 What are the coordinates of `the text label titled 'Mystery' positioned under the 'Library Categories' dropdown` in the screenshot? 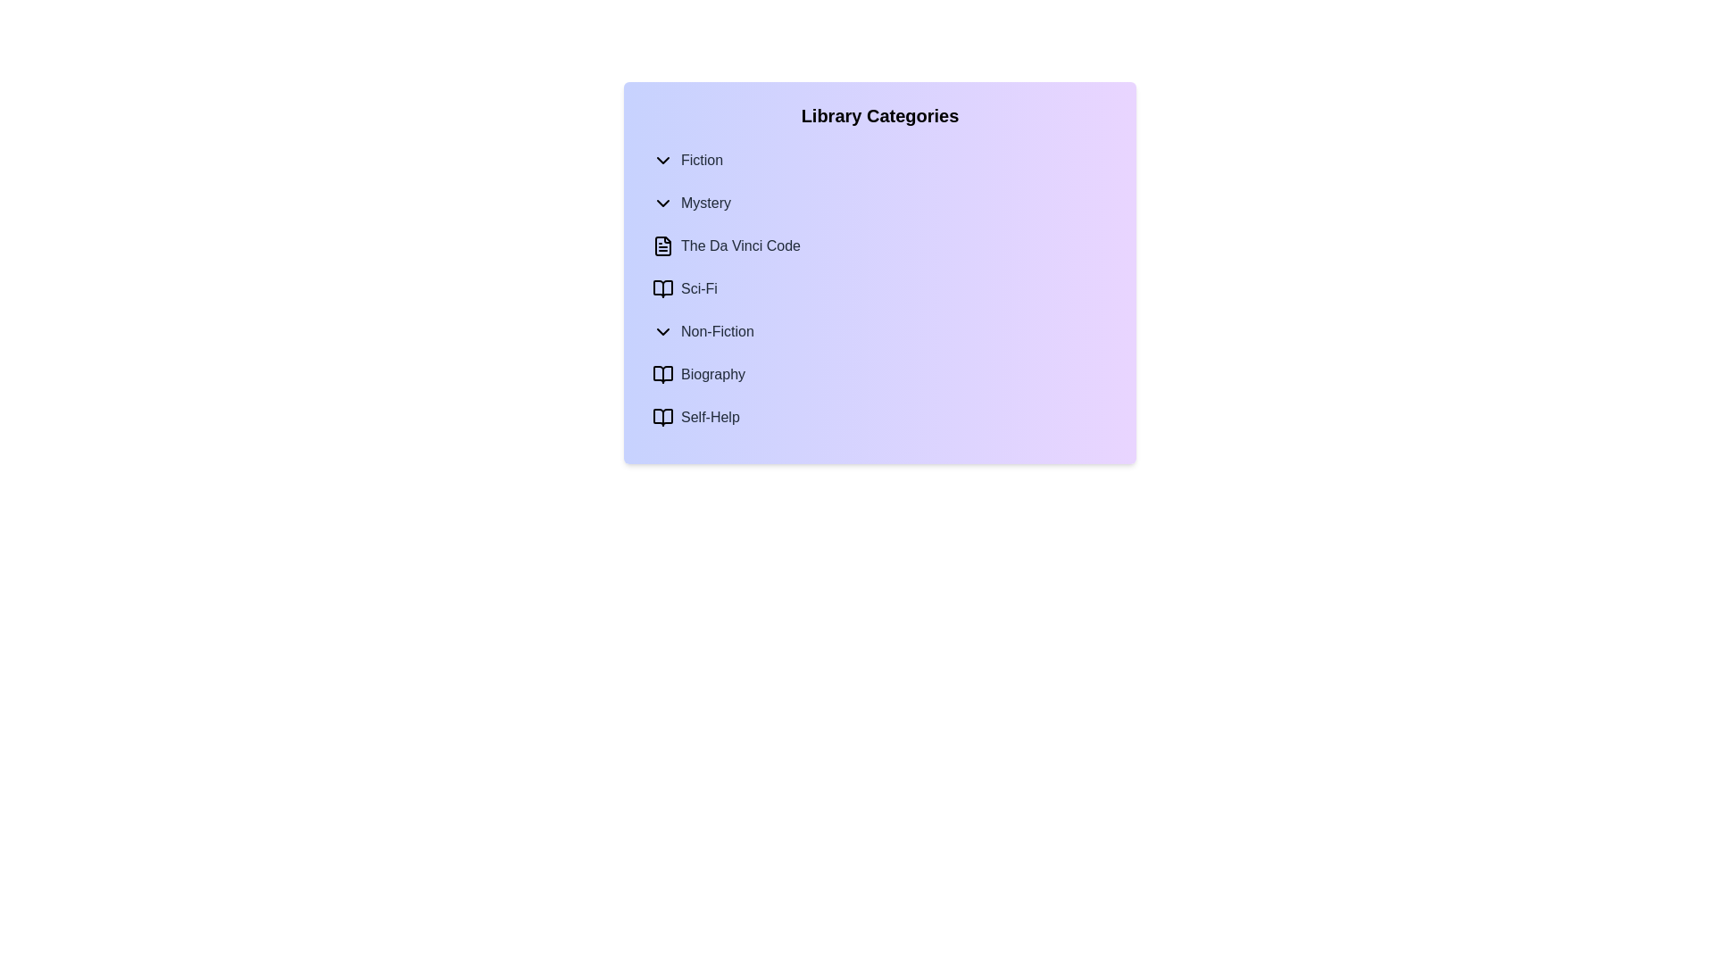 It's located at (705, 202).